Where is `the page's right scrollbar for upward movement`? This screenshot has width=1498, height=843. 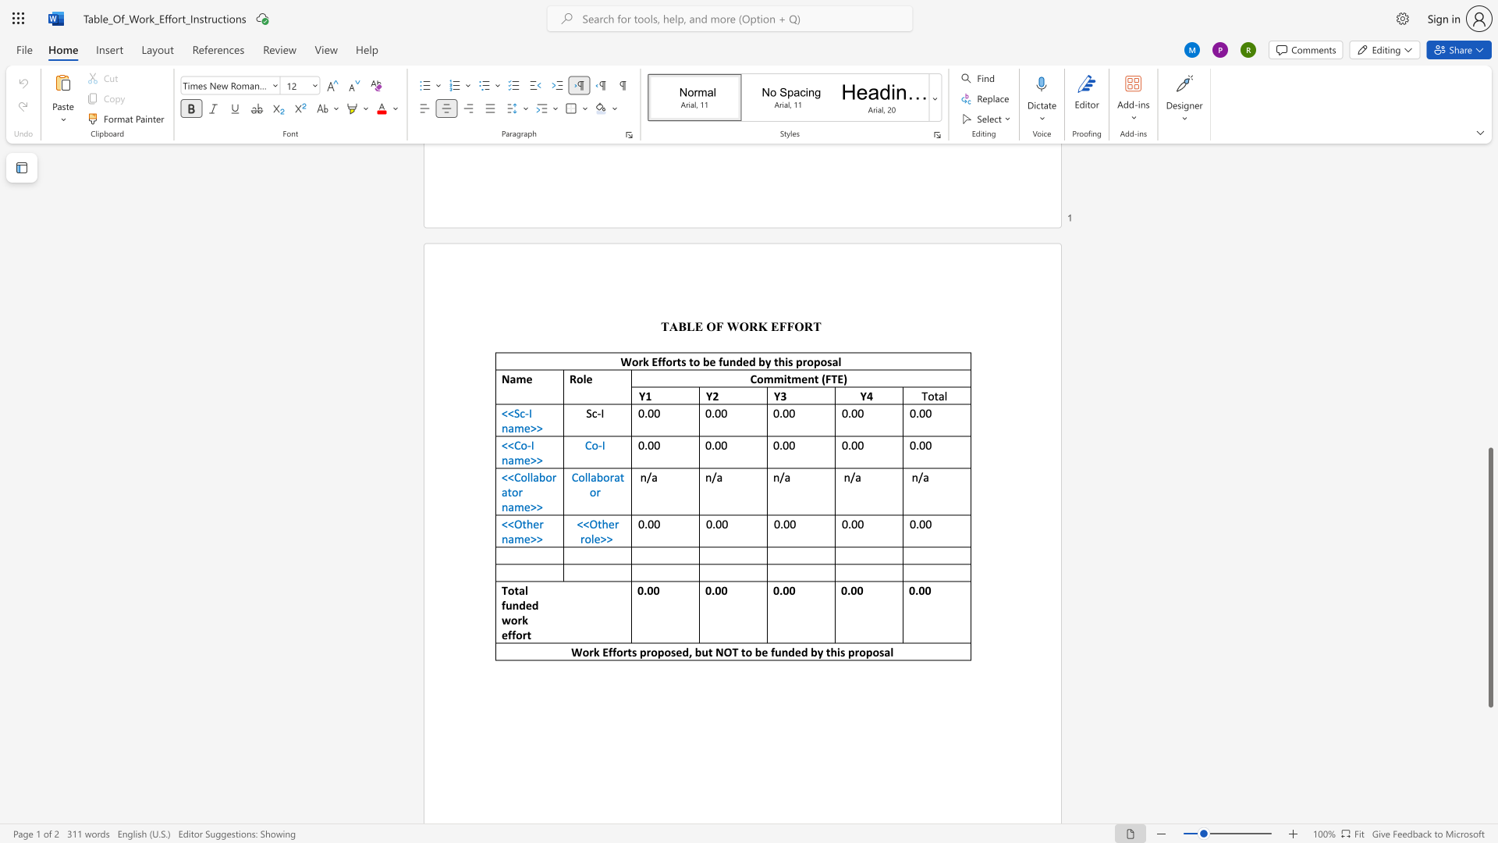 the page's right scrollbar for upward movement is located at coordinates (1489, 358).